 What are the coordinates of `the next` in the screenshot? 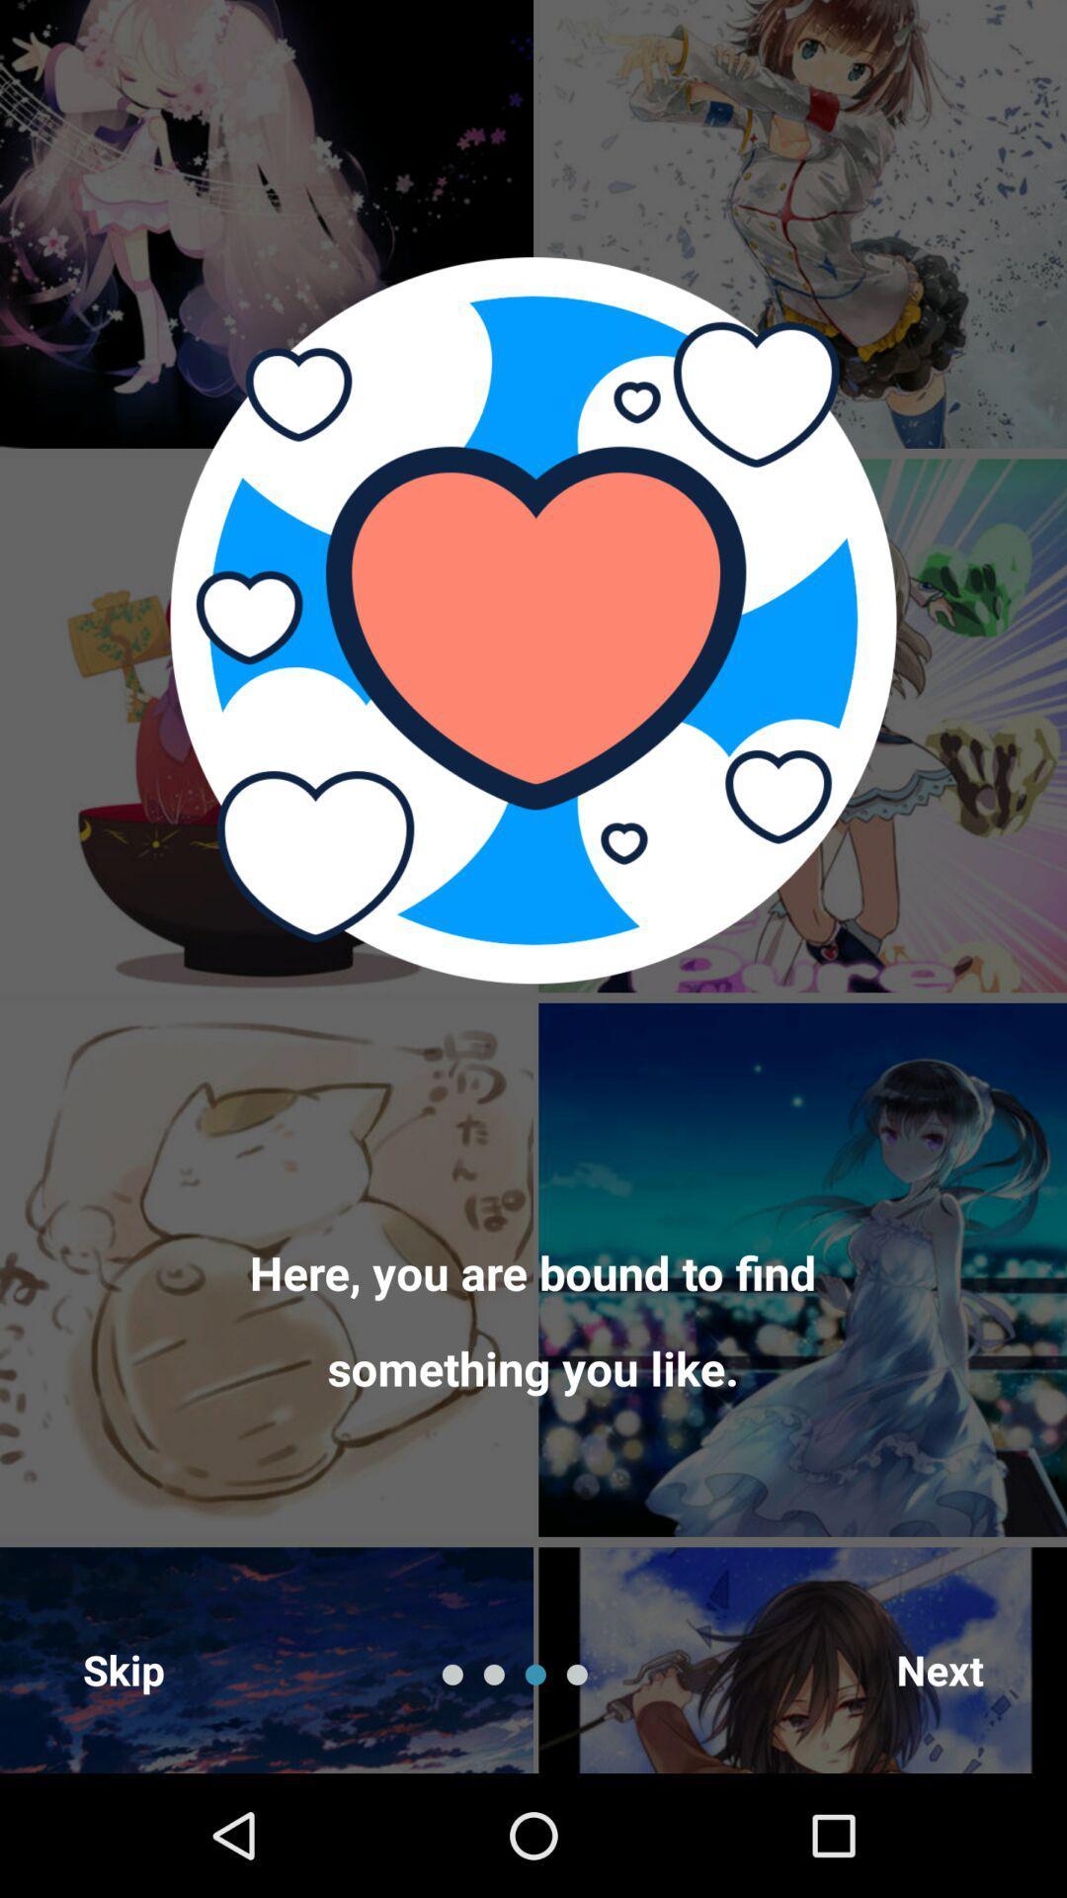 It's located at (939, 1669).